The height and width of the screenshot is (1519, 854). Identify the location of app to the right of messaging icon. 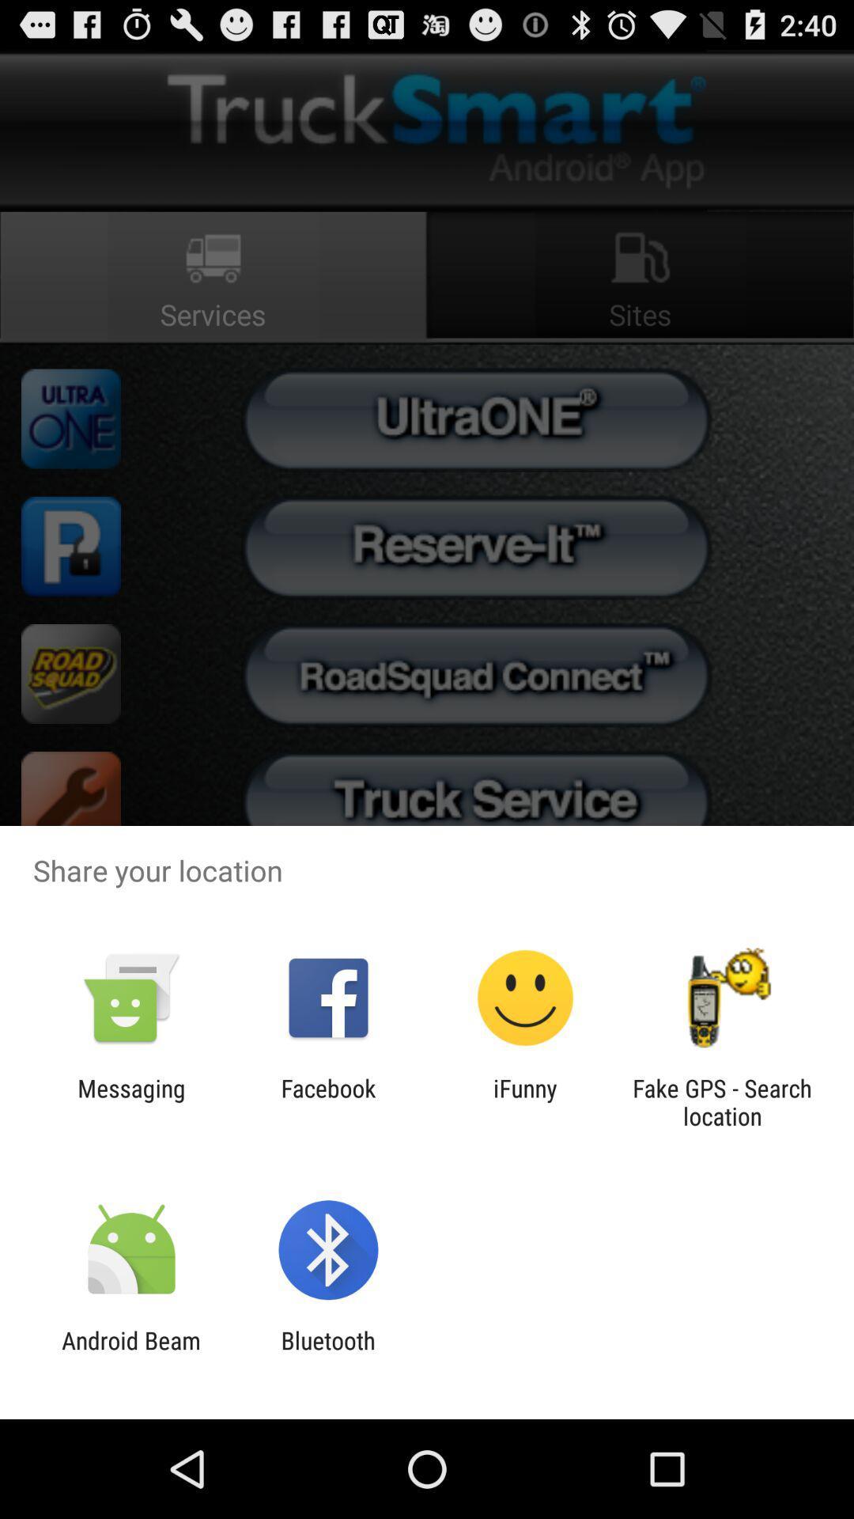
(327, 1101).